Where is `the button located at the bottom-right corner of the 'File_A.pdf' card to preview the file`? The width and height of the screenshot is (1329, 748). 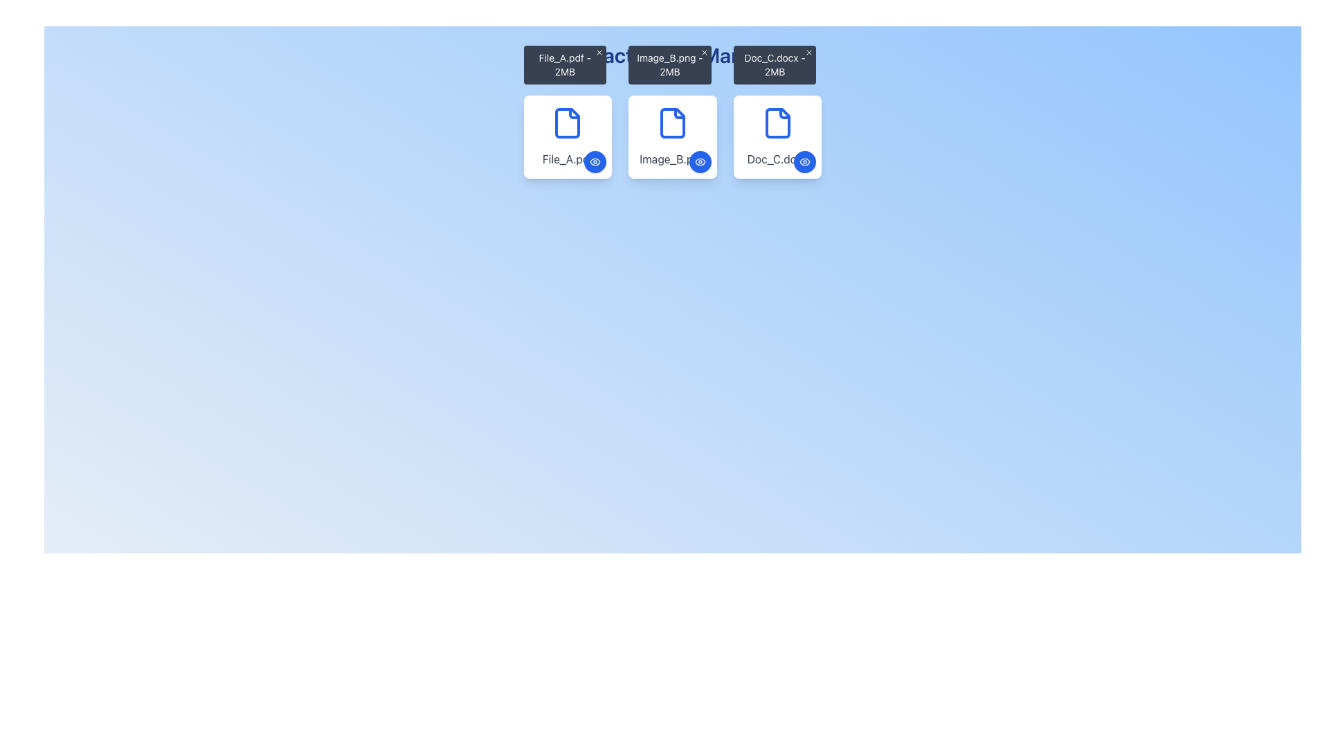
the button located at the bottom-right corner of the 'File_A.pdf' card to preview the file is located at coordinates (595, 161).